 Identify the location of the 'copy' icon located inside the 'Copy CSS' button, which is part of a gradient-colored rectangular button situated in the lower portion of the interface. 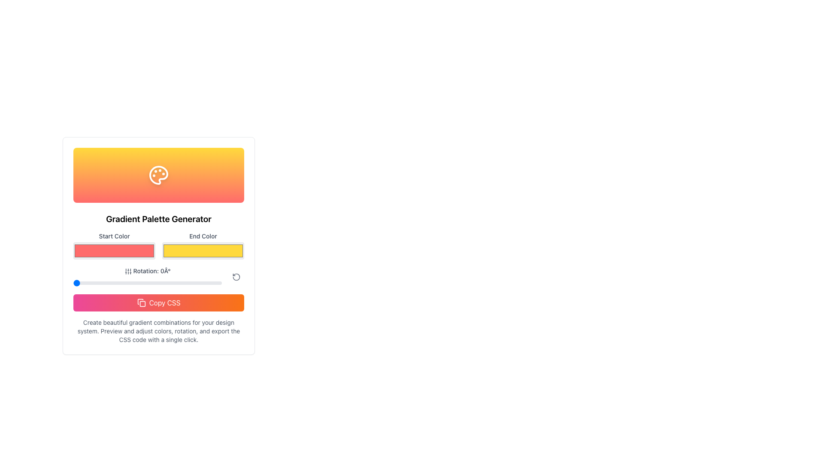
(141, 302).